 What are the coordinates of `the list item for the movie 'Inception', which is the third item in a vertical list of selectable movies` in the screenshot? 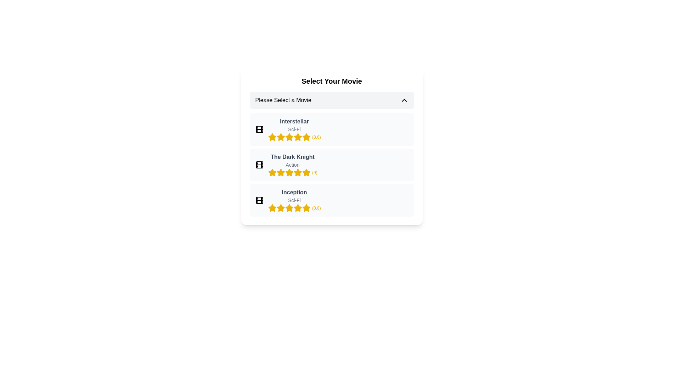 It's located at (294, 200).